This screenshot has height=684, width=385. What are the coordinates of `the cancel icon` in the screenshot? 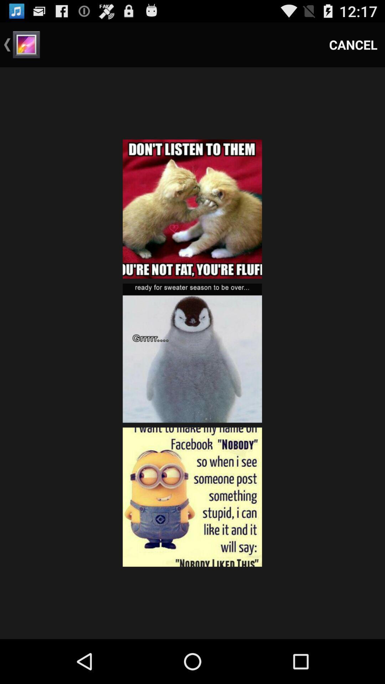 It's located at (353, 44).